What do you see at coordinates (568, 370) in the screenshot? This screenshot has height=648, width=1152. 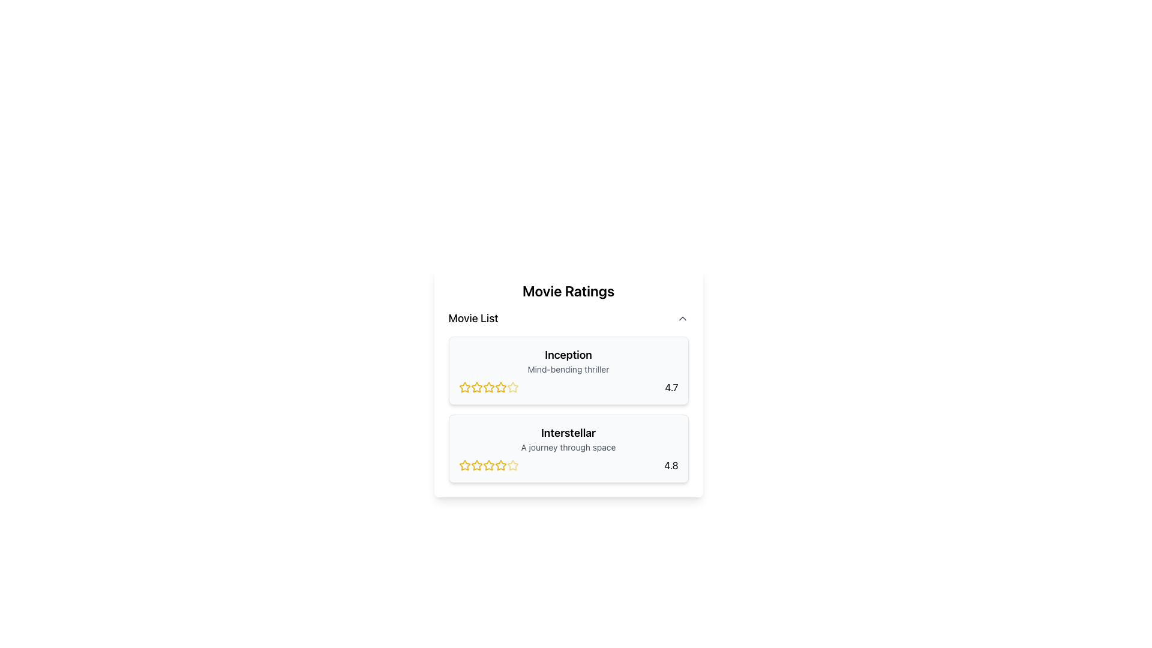 I see `the movie card representing 'Inception', which is the first card in a vertical list of movie entries` at bounding box center [568, 370].